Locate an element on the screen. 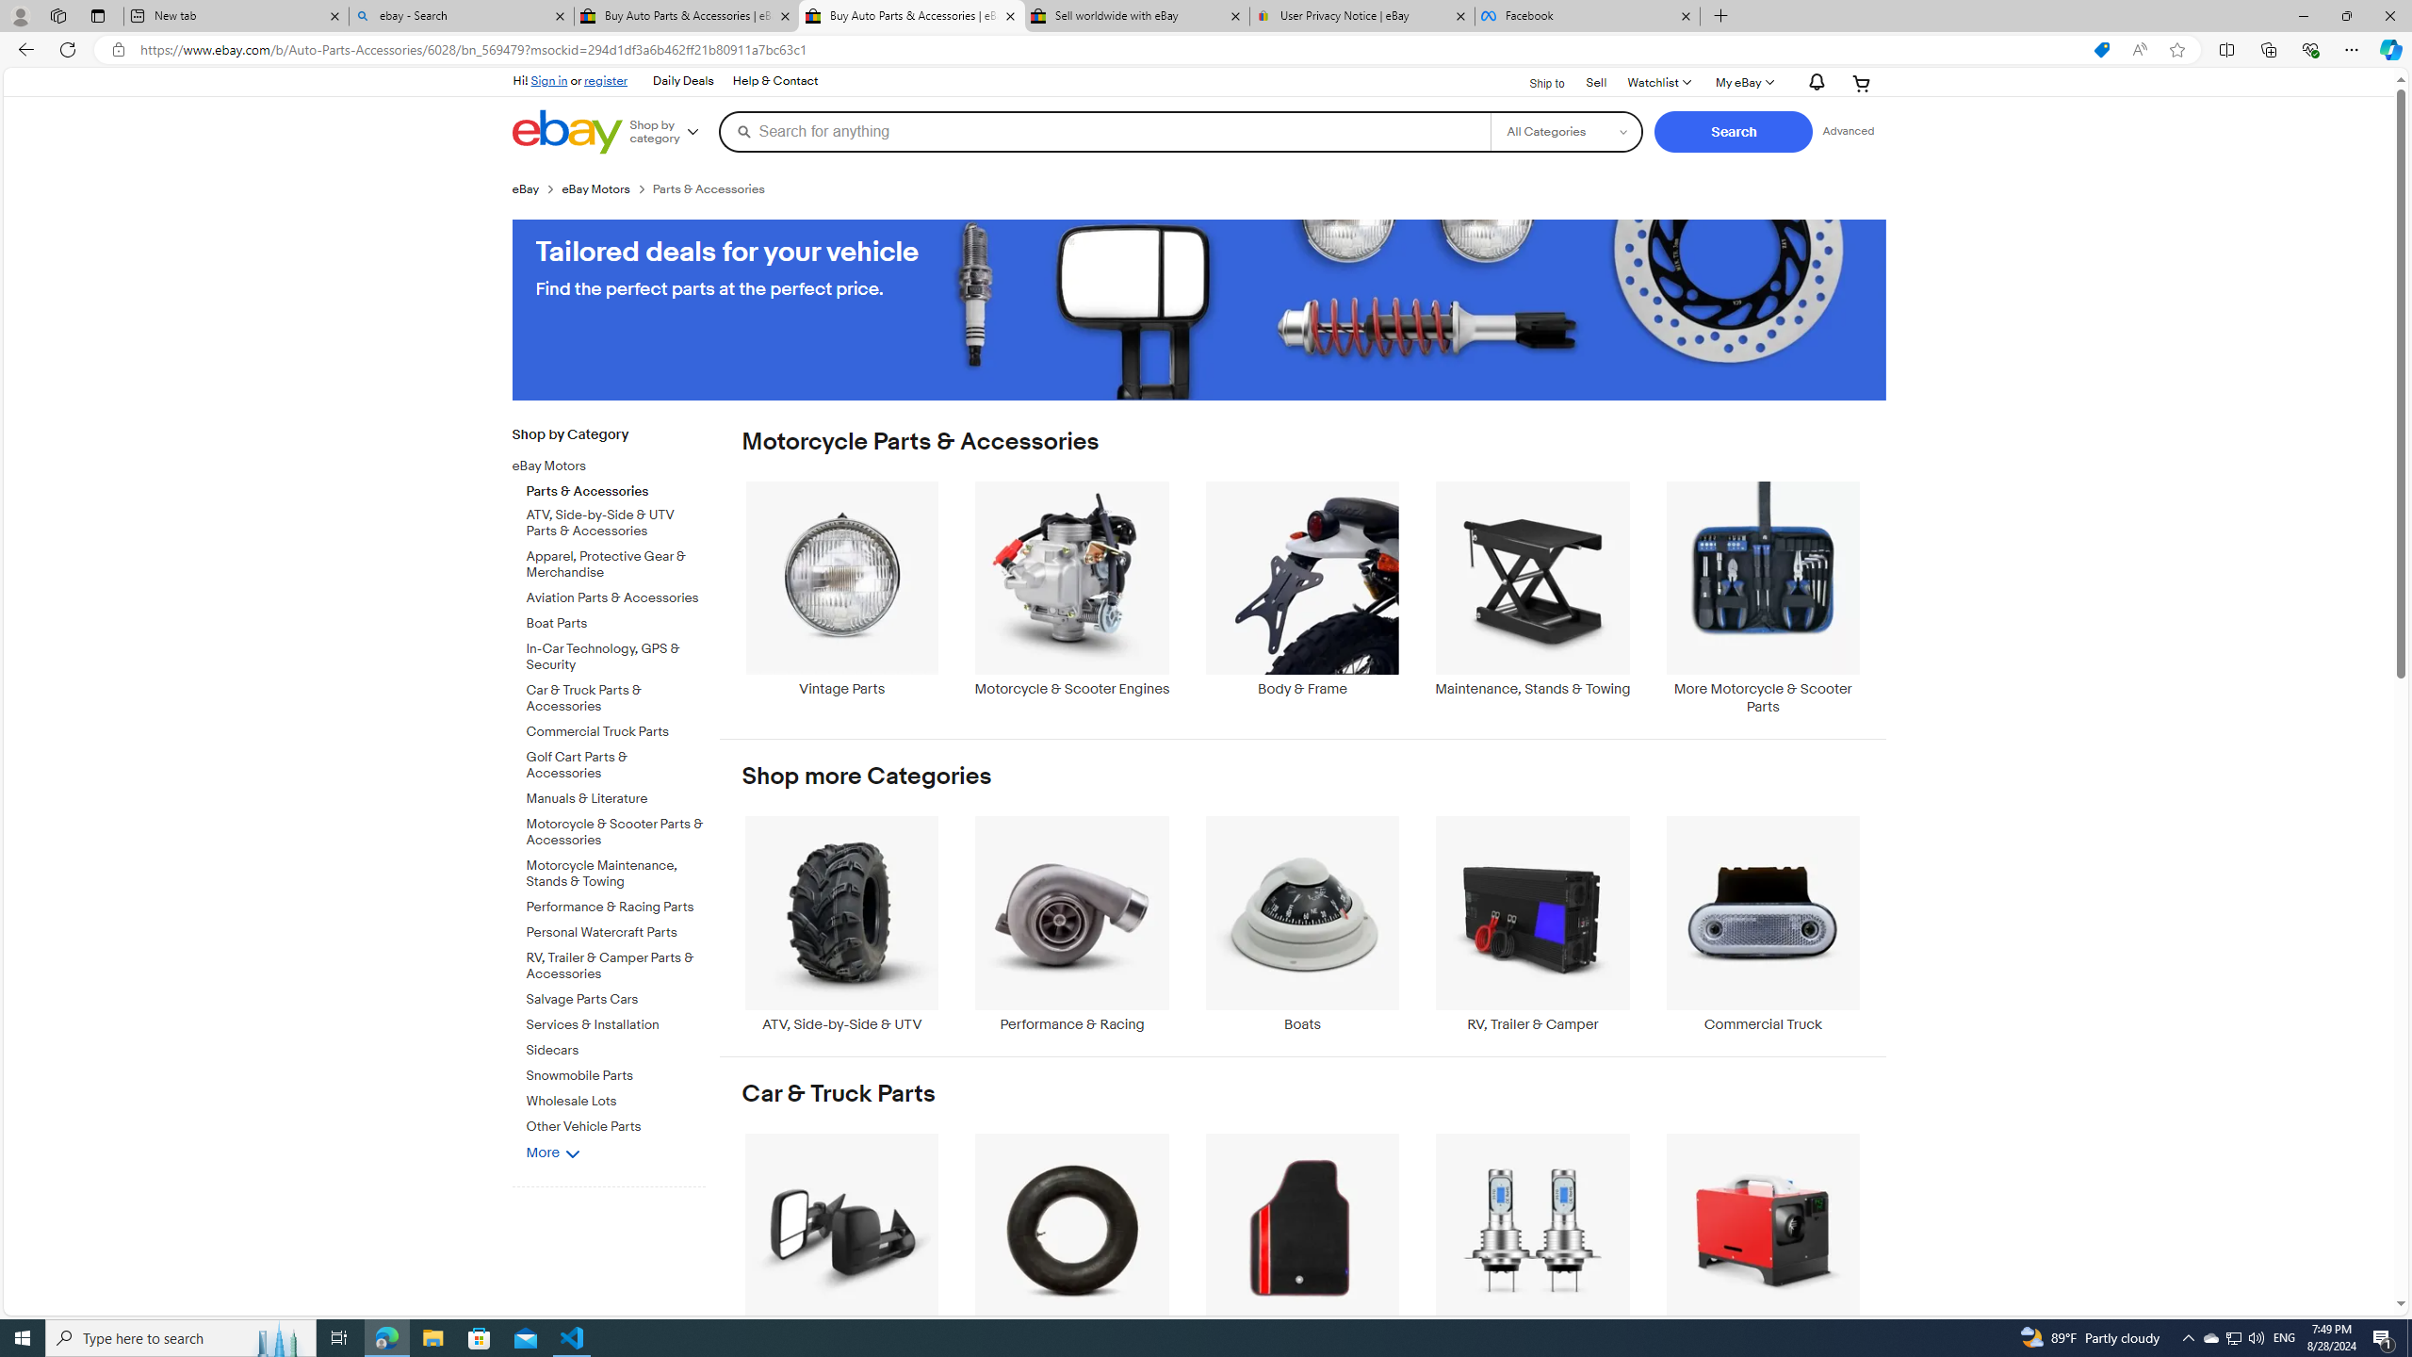 Image resolution: width=2412 pixels, height=1357 pixels. 'Apparel, Protective Gear & Merchandise' is located at coordinates (615, 564).